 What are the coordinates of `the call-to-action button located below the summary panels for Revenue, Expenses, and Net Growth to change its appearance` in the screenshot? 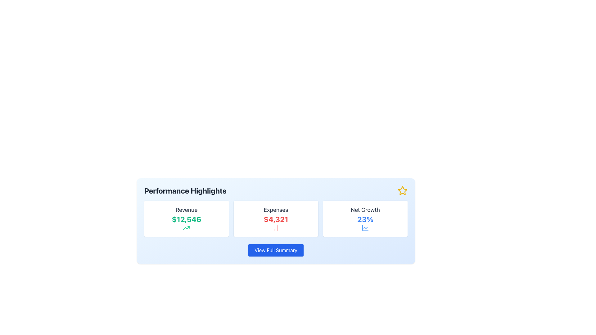 It's located at (275, 250).